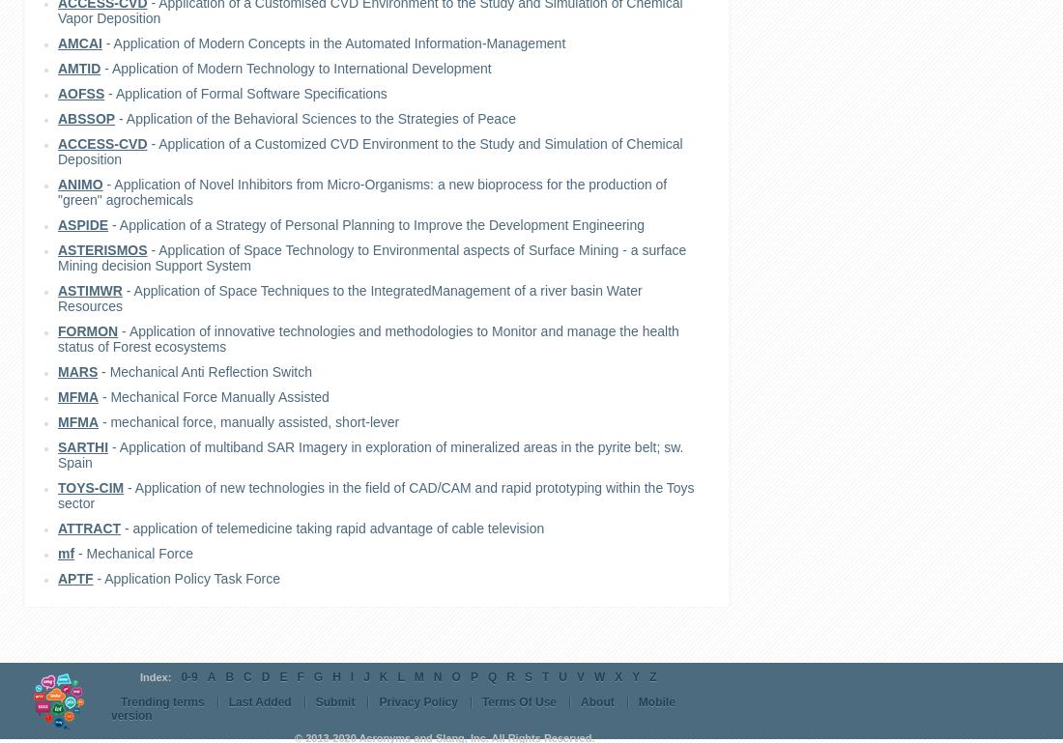 The image size is (1063, 743). I want to click on 'P', so click(474, 677).